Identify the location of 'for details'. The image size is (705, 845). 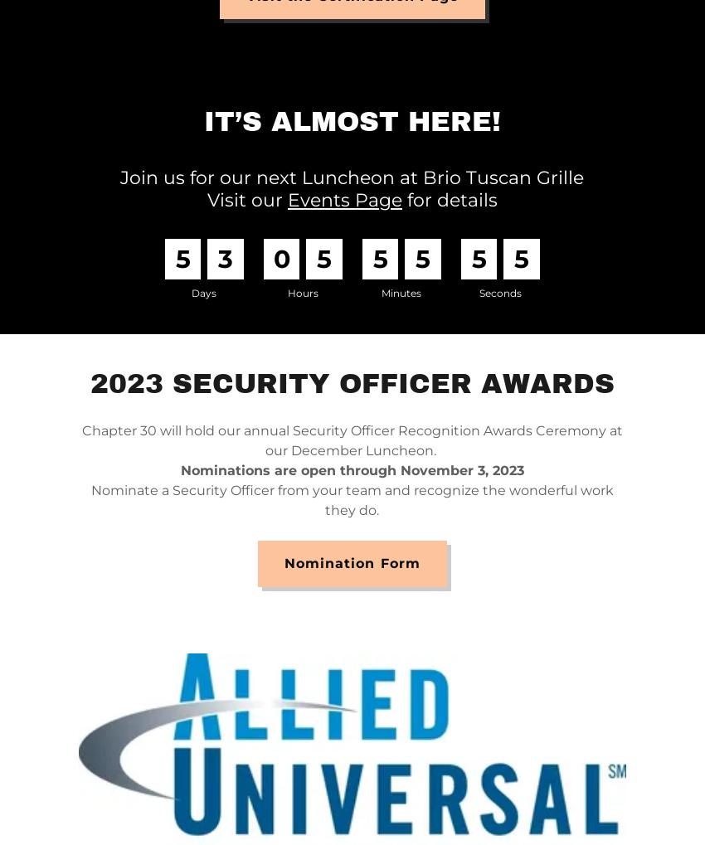
(448, 200).